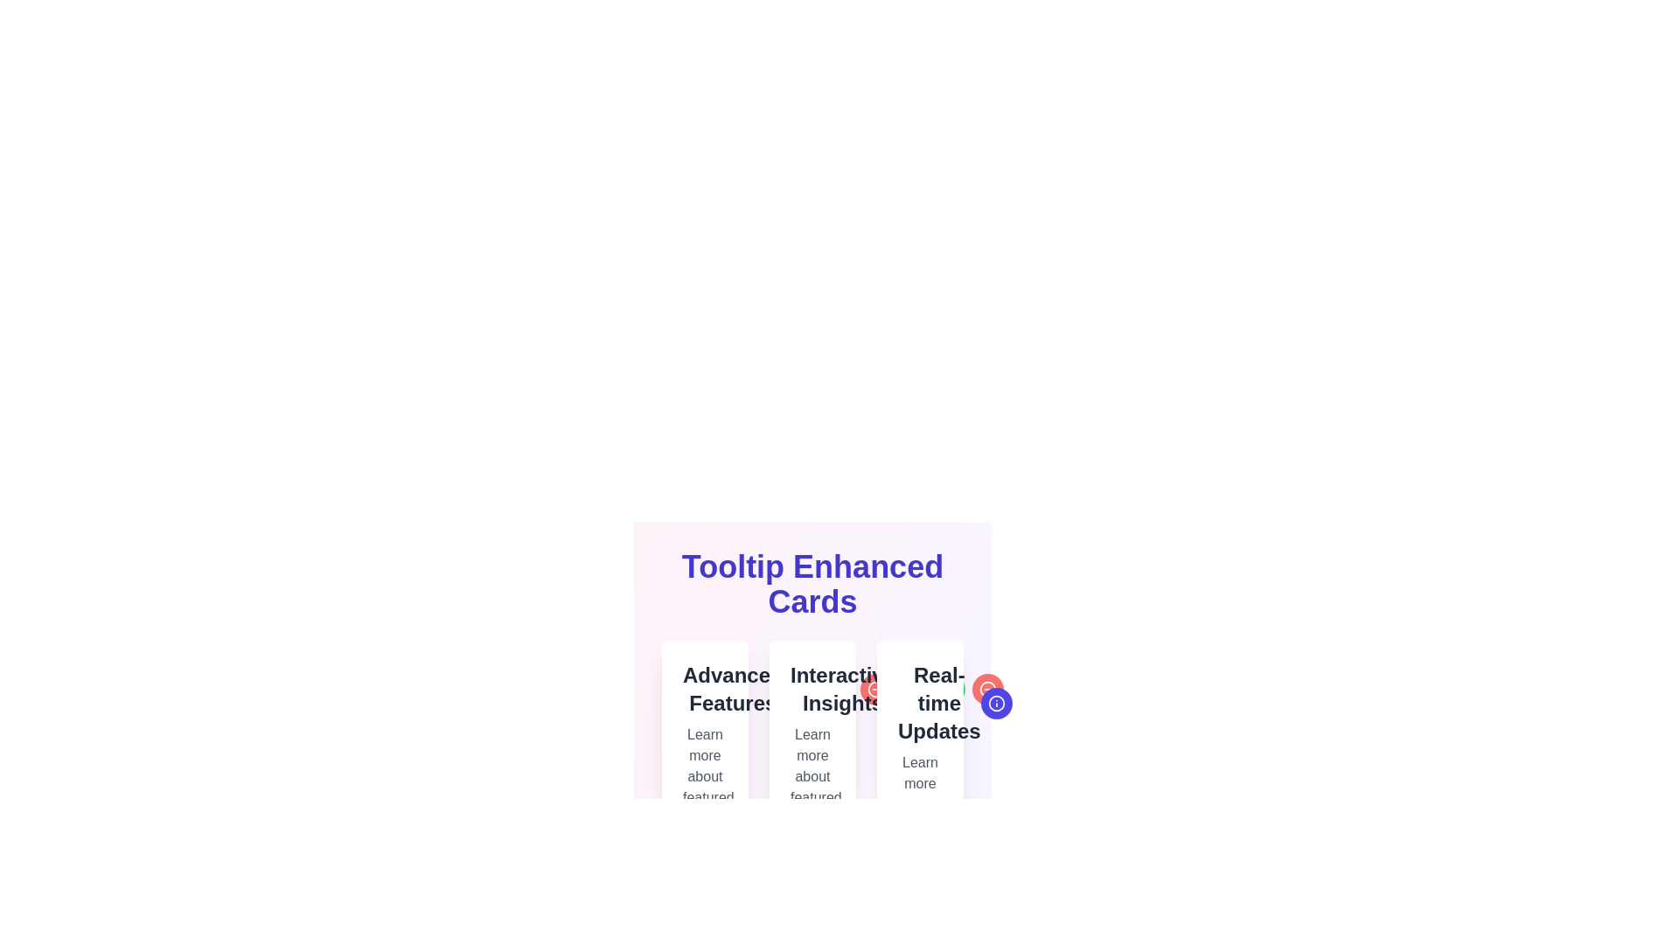 The height and width of the screenshot is (944, 1679). What do you see at coordinates (812, 689) in the screenshot?
I see `the title text located at the top of the second card from the left in a horizontal arrangement of cards` at bounding box center [812, 689].